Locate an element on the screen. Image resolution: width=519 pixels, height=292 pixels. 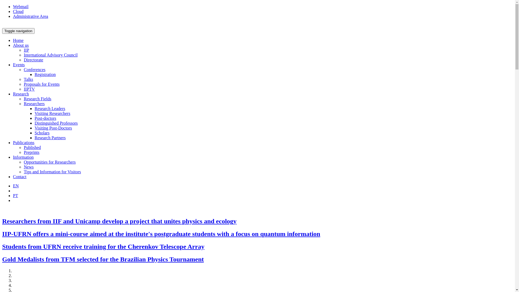
'Publications' is located at coordinates (23, 142).